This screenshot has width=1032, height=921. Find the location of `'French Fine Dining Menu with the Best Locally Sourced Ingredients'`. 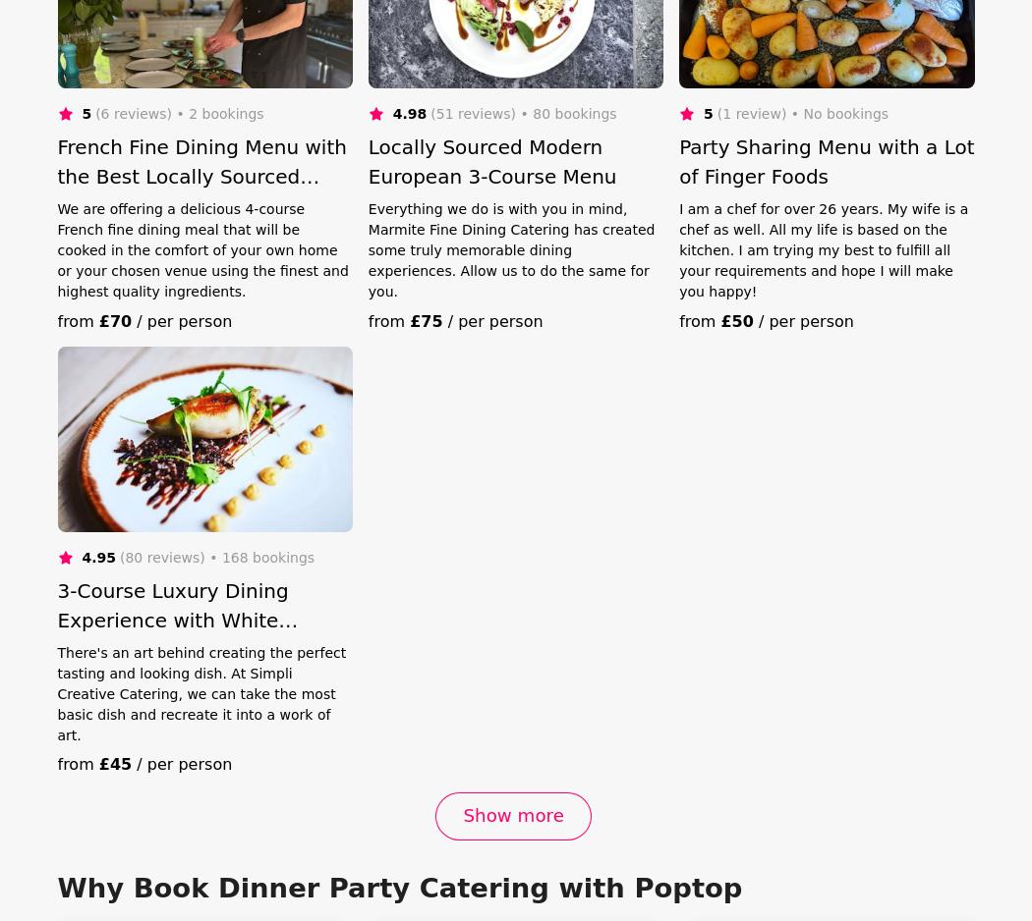

'French Fine Dining Menu with the Best Locally Sourced Ingredients' is located at coordinates (200, 174).